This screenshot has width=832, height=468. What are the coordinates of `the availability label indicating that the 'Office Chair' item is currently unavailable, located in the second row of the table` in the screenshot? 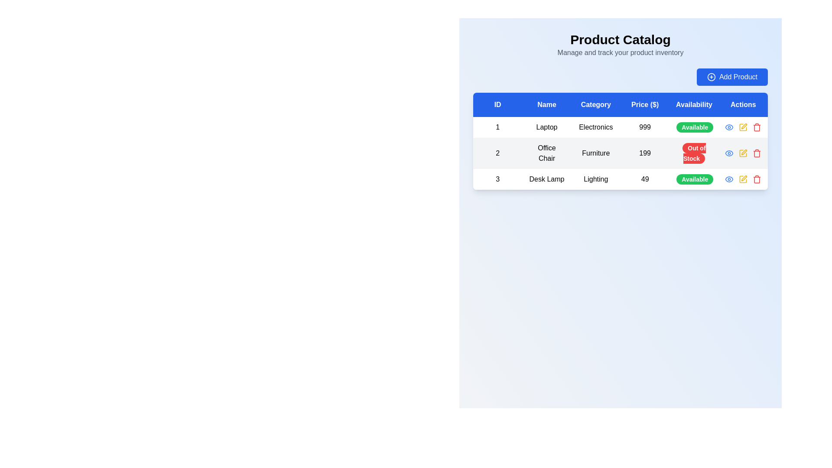 It's located at (694, 153).